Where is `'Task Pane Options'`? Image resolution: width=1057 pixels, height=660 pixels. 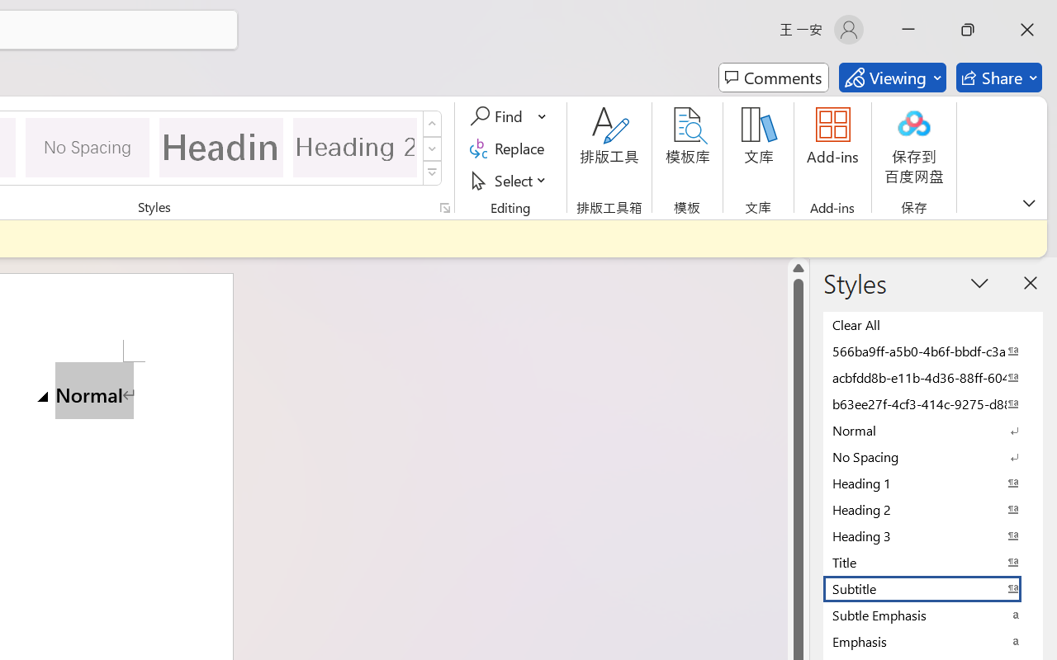 'Task Pane Options' is located at coordinates (980, 283).